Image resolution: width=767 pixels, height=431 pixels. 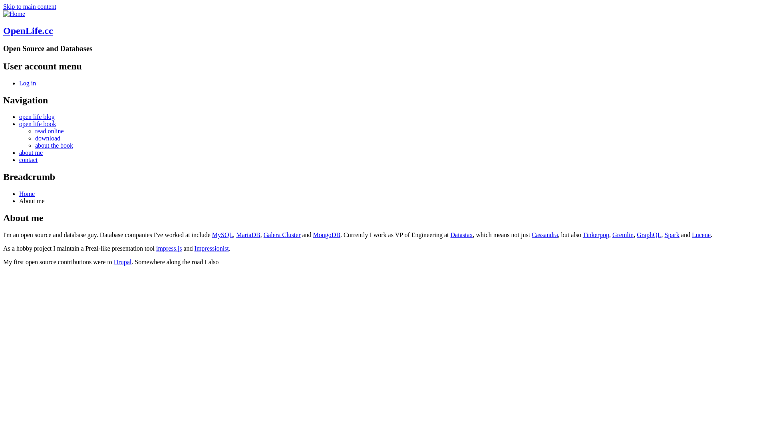 I want to click on 'impress.js', so click(x=168, y=248).